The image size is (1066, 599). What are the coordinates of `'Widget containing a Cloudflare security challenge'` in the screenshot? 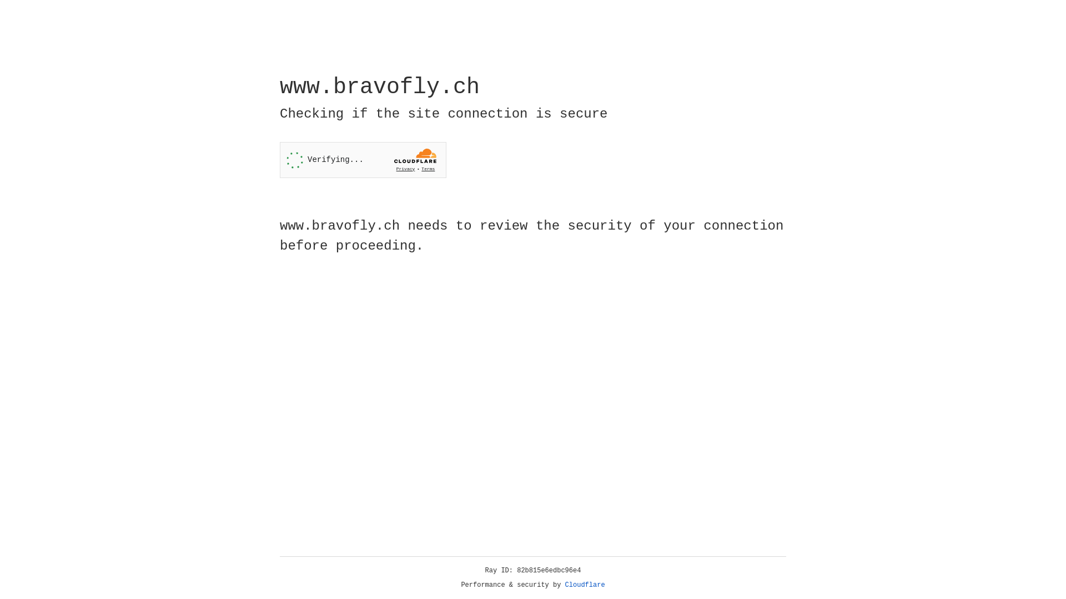 It's located at (363, 160).